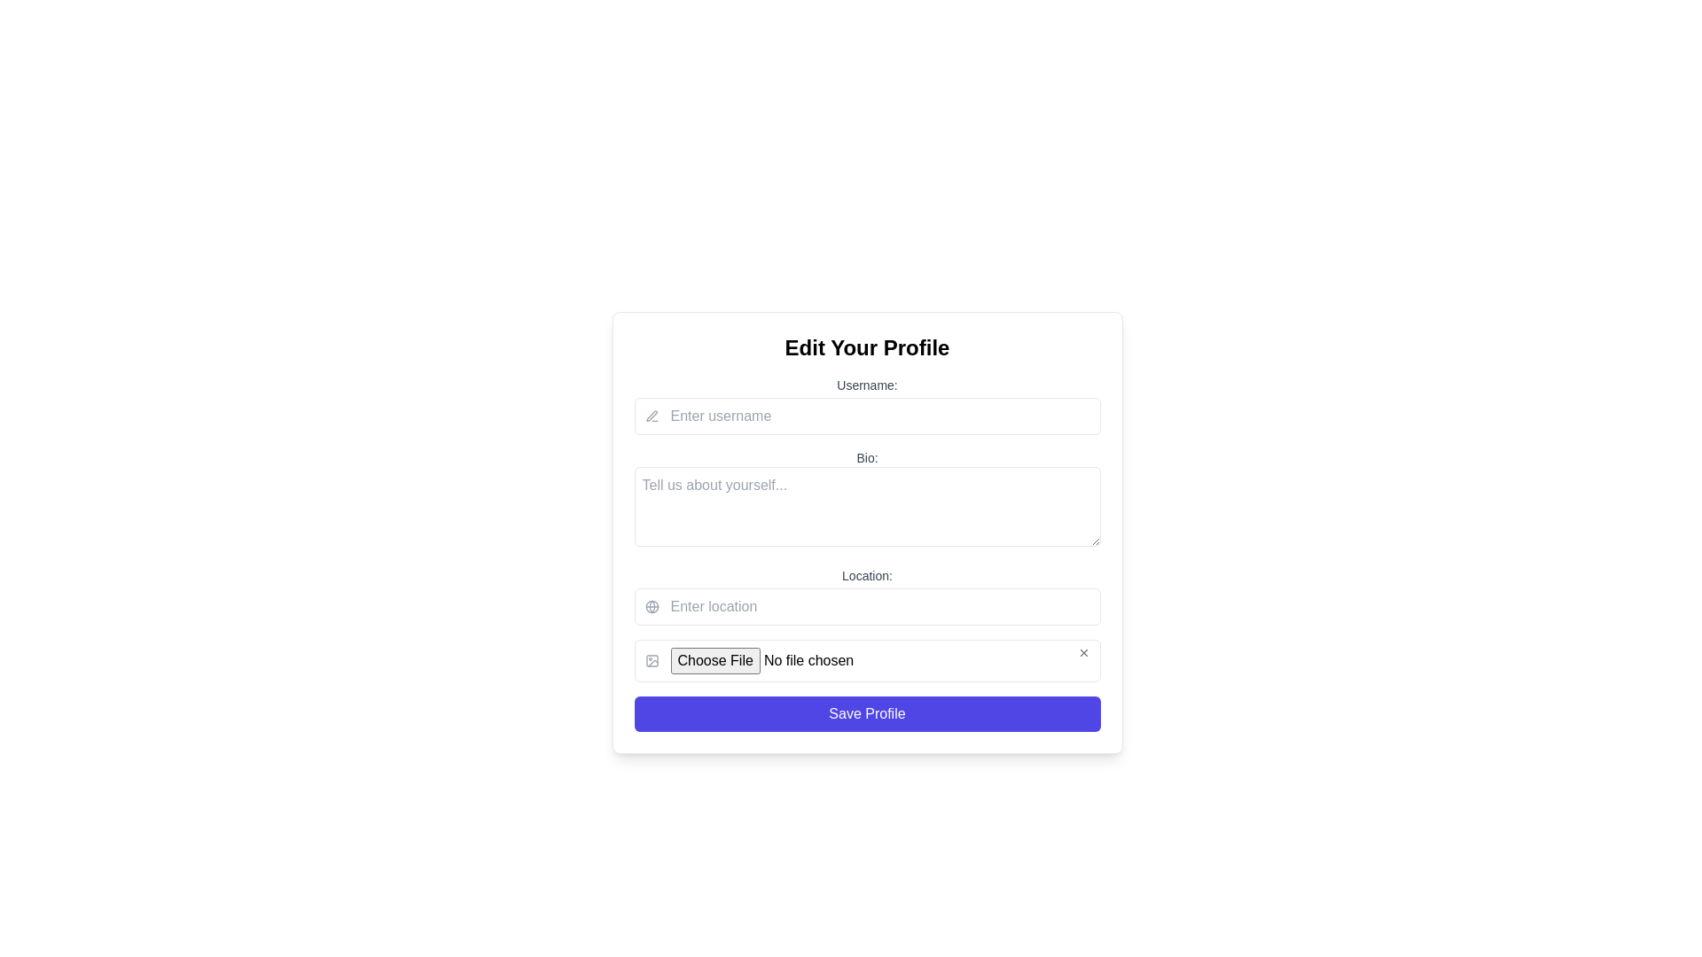  Describe the element at coordinates (867, 660) in the screenshot. I see `the 'Choose File' button of the file input component that displays 'No file chosen'` at that location.